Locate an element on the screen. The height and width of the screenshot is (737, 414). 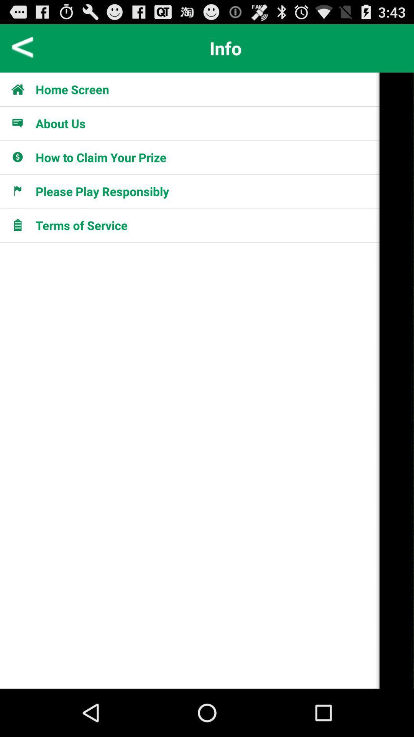
the button above home screen is located at coordinates (225, 48).